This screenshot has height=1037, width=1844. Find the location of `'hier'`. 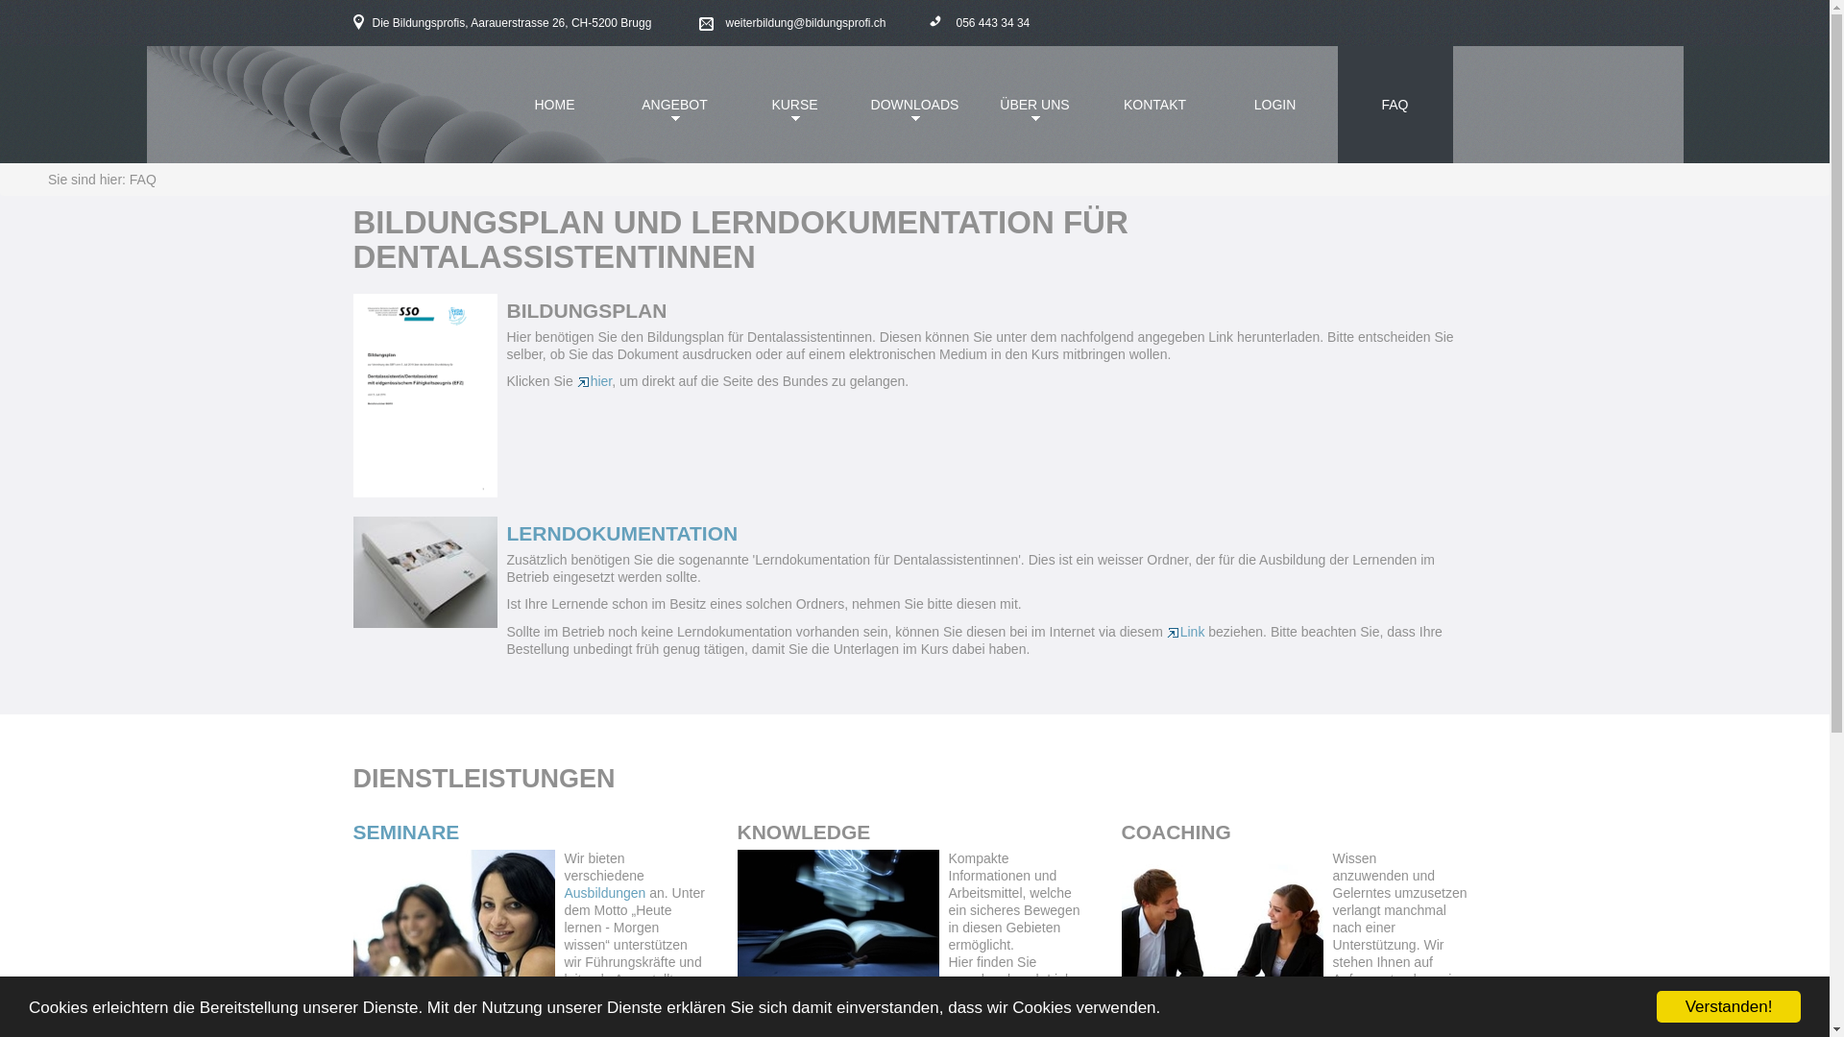

'hier' is located at coordinates (594, 381).